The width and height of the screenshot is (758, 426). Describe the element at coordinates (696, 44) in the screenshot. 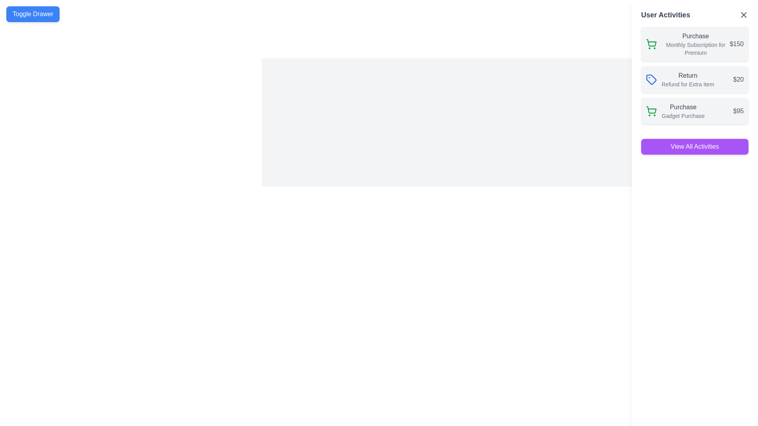

I see `text content of the Text Display element that shows 'Purchase' and 'Monthly Subscription for Premium' in the right sidebar` at that location.